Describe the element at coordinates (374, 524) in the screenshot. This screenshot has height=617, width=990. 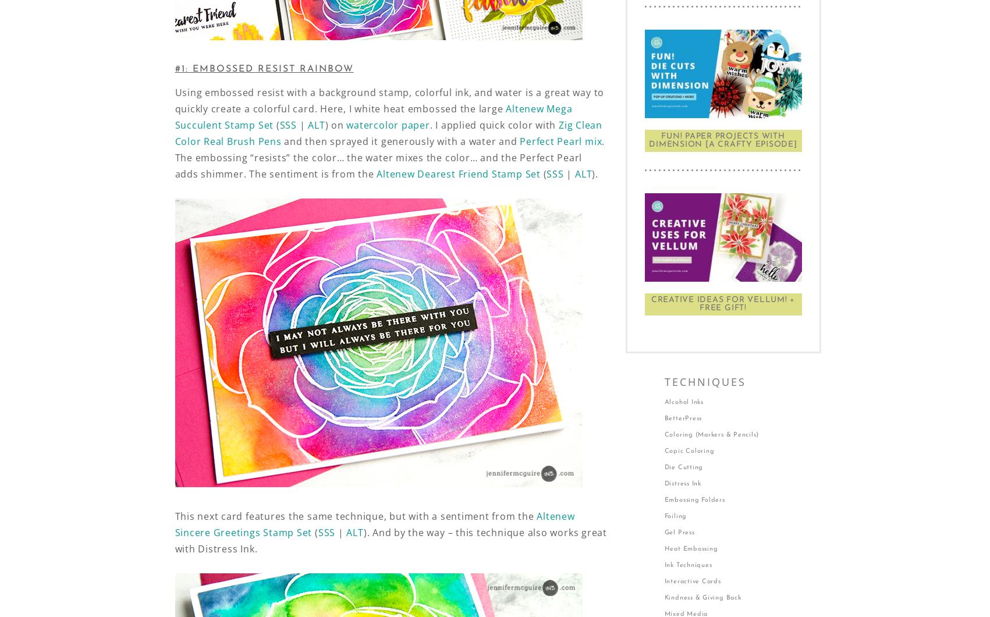
I see `'Altenew Sincere Greetings Stamp Set'` at that location.